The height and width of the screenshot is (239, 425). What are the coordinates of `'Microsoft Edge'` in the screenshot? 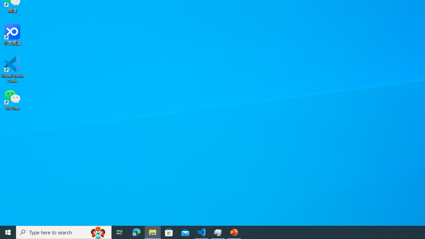 It's located at (136, 232).